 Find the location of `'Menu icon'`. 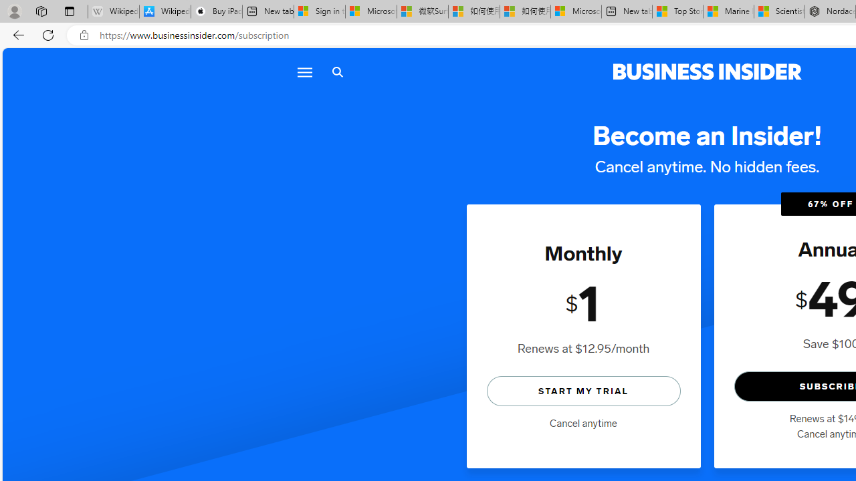

'Menu icon' is located at coordinates (304, 72).